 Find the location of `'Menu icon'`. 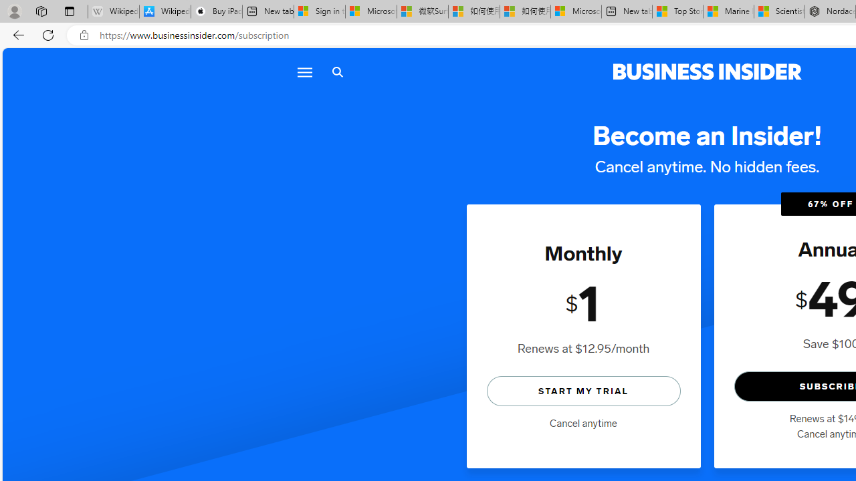

'Menu icon' is located at coordinates (304, 72).